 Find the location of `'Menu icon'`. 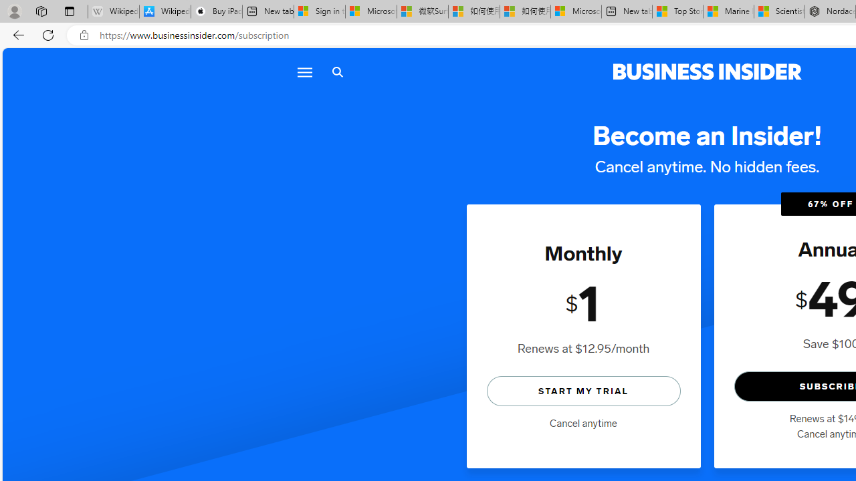

'Menu icon' is located at coordinates (304, 72).